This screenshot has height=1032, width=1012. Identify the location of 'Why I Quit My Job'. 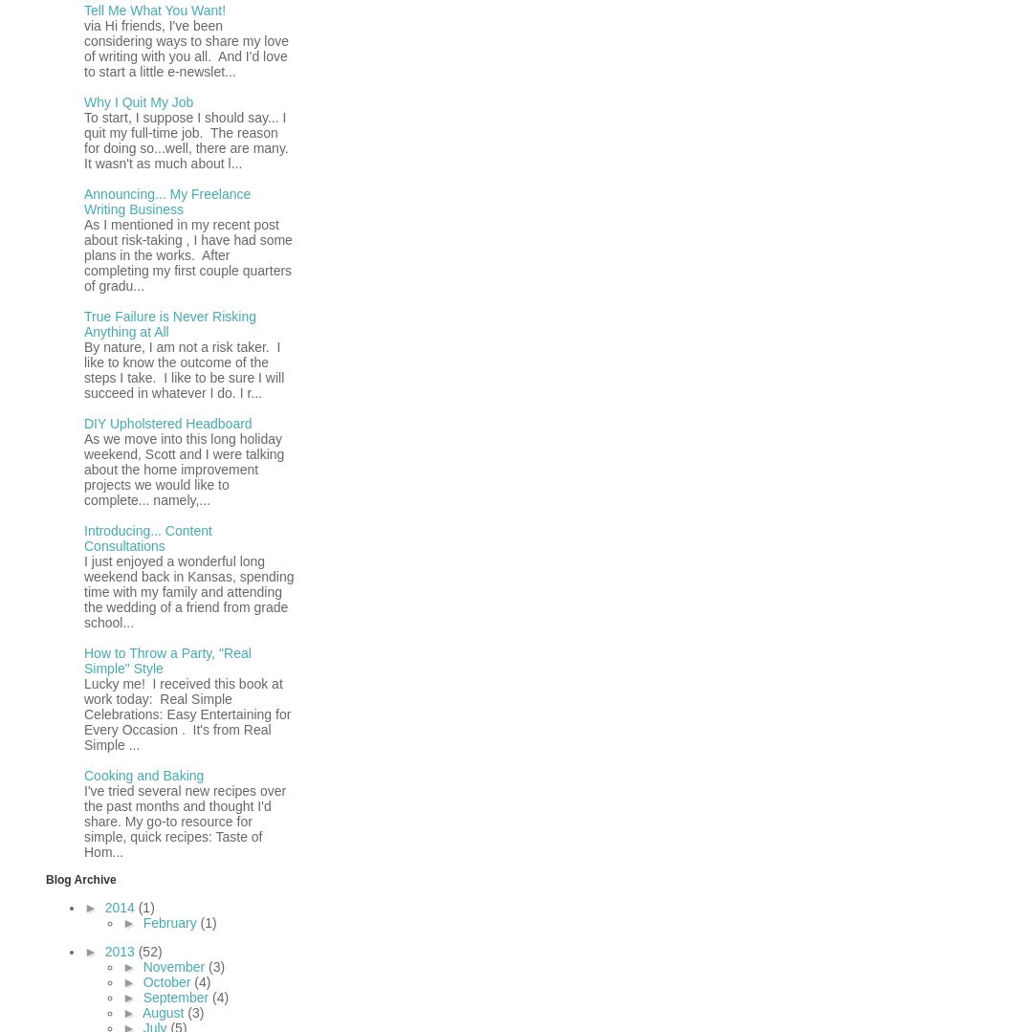
(138, 100).